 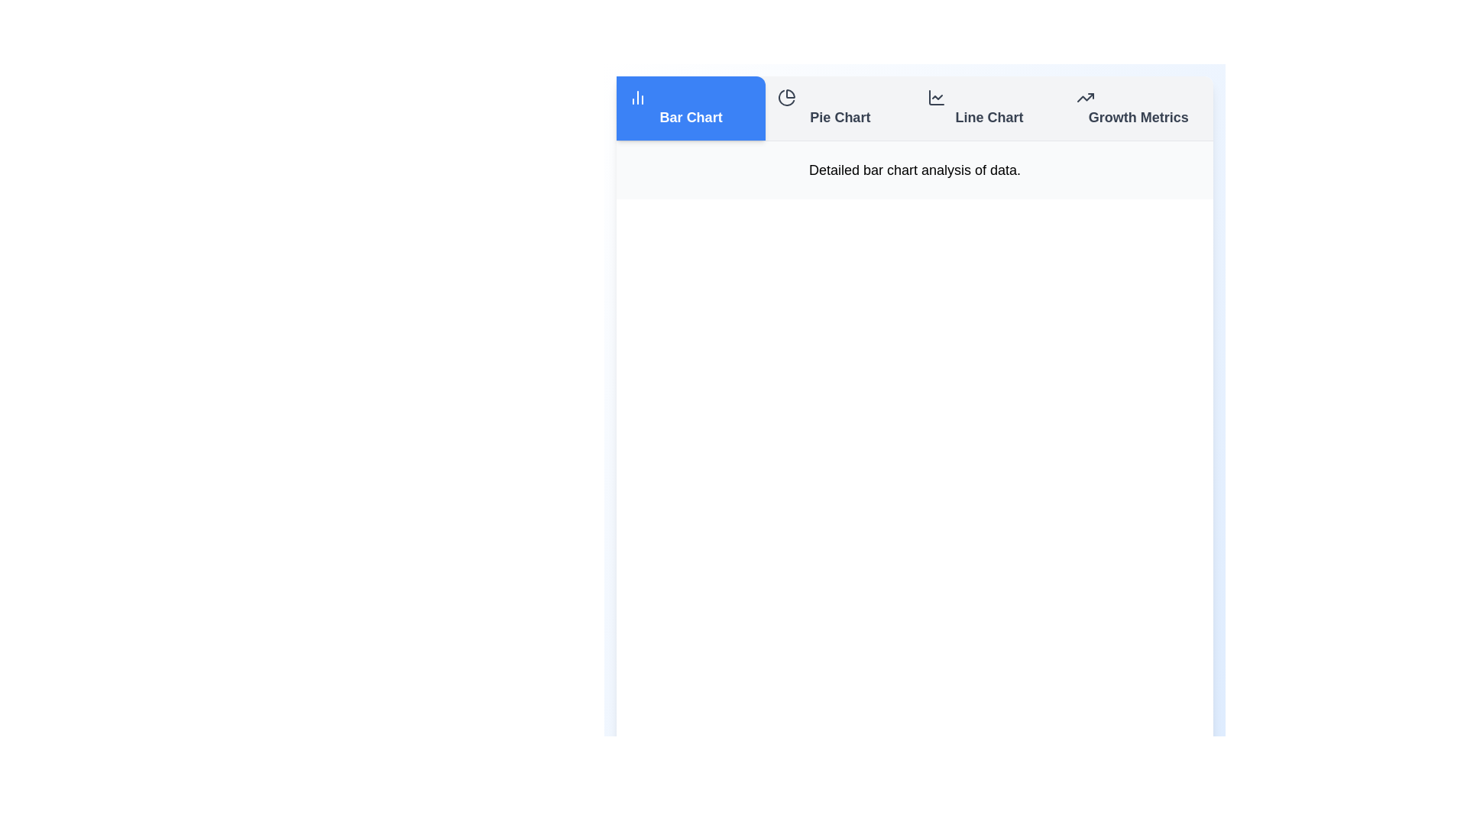 What do you see at coordinates (690, 108) in the screenshot?
I see `the chart type Bar Chart by clicking the corresponding tab button` at bounding box center [690, 108].